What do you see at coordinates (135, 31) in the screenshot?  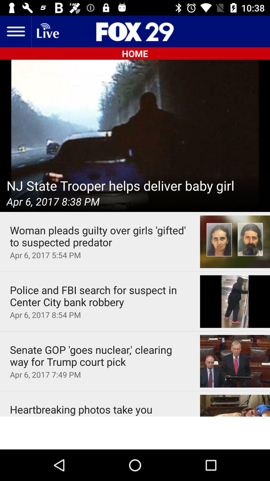 I see `the sliders icon` at bounding box center [135, 31].